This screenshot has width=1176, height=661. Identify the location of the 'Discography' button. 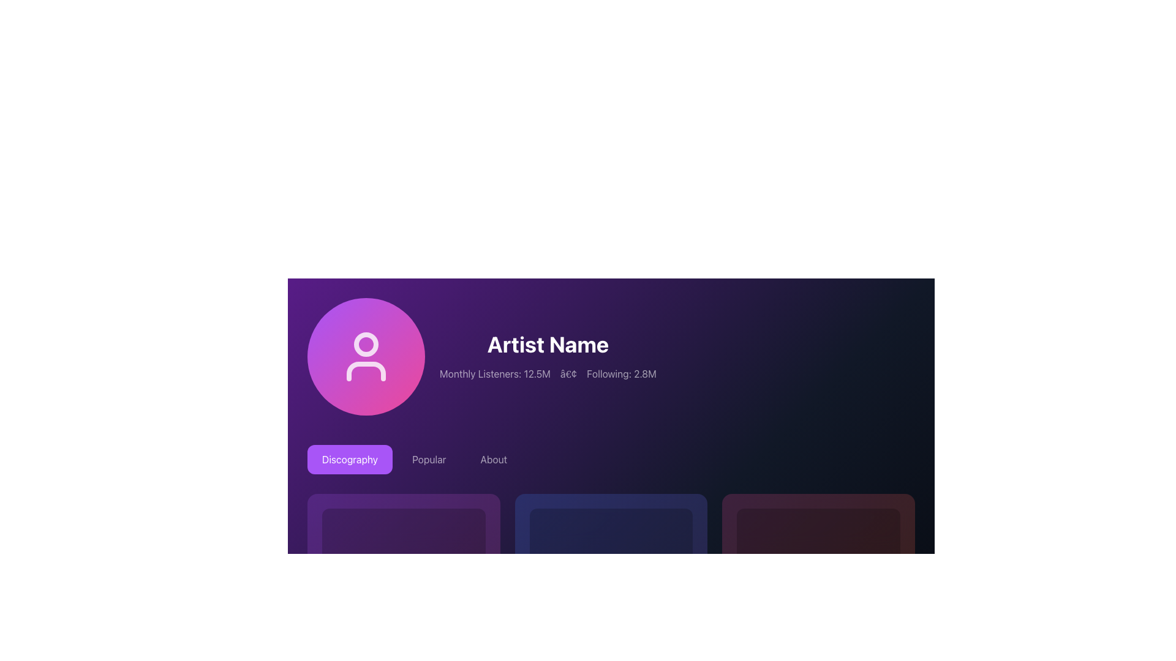
(349, 460).